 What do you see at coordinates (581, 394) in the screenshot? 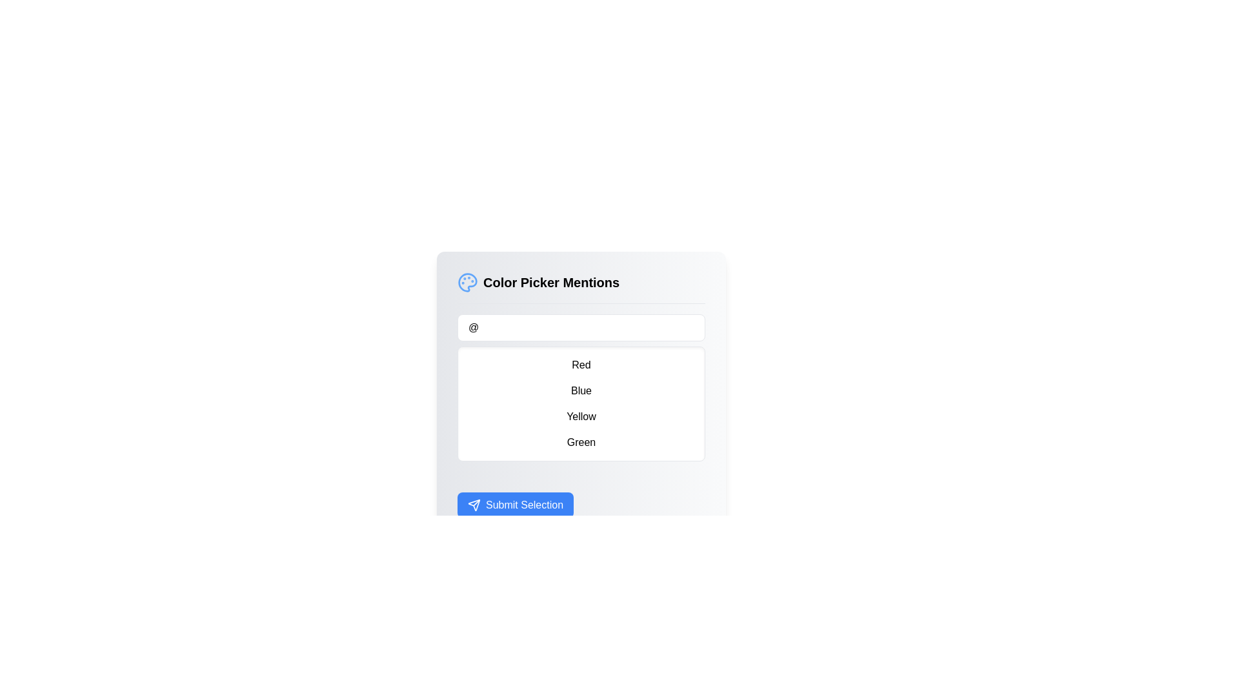
I see `the color selection option in the Interactive panel below the 'Color Picker Mentions' header` at bounding box center [581, 394].